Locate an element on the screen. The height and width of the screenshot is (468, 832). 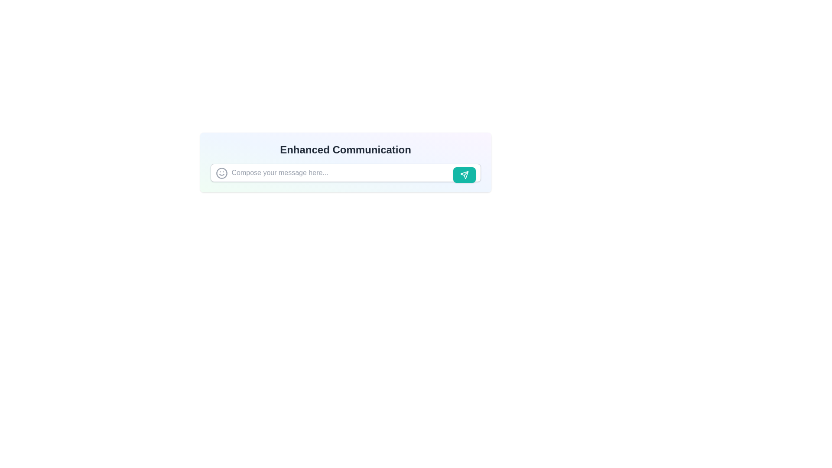
the circular outline icon that resembles a part of a smiling face icon, located before the text input field labeled 'Compose your message here...' is located at coordinates (221, 173).